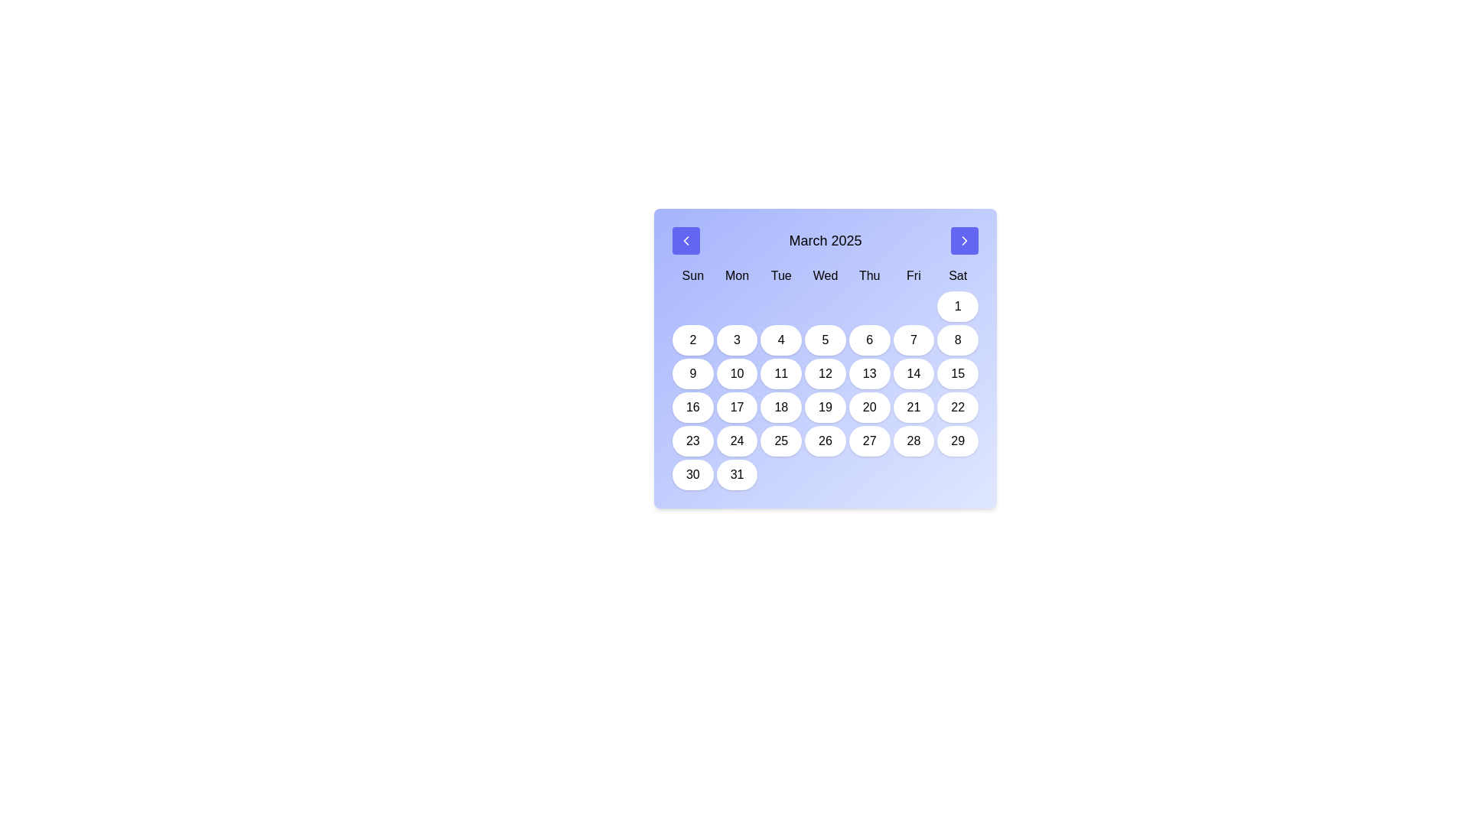 Image resolution: width=1469 pixels, height=826 pixels. What do you see at coordinates (869, 339) in the screenshot?
I see `the button representing the date '6' in the calendar, which is located in the second row and sixth column of the grid-based interface` at bounding box center [869, 339].